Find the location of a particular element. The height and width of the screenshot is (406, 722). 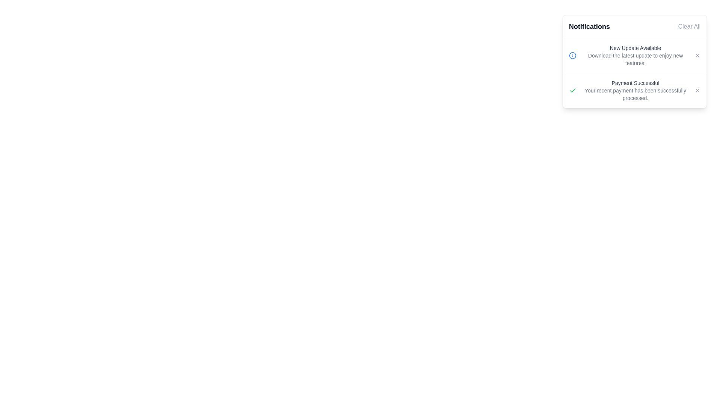

text displayed in the notification panel stating, 'Your recent payment has been successfully processed.' which is located just beneath the 'Payment Successful' heading is located at coordinates (635, 94).